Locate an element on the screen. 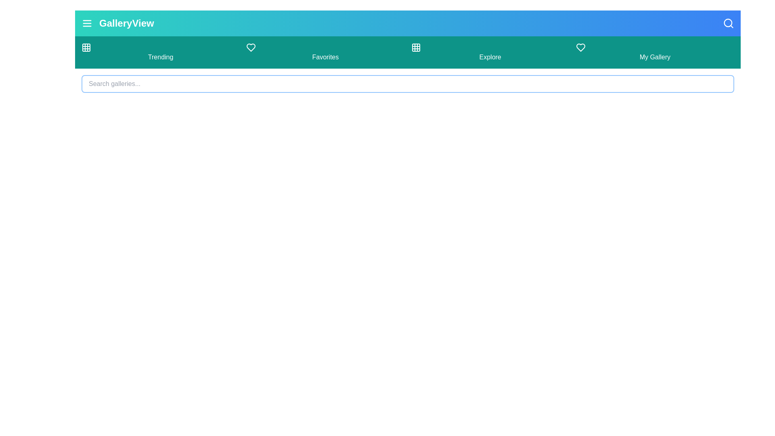 The width and height of the screenshot is (775, 436). the menu button to toggle the navigation drawer visibility is located at coordinates (87, 23).